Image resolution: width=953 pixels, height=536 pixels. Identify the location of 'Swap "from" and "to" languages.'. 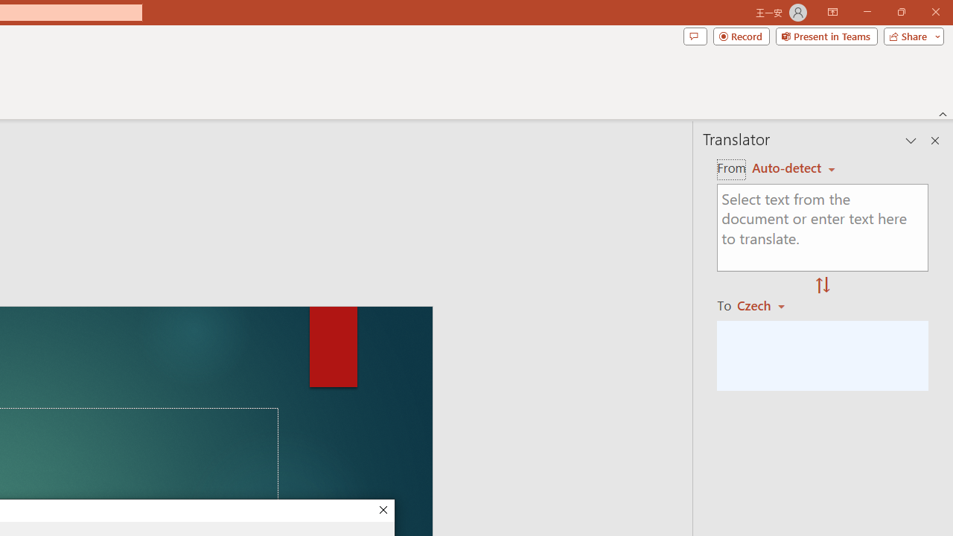
(822, 286).